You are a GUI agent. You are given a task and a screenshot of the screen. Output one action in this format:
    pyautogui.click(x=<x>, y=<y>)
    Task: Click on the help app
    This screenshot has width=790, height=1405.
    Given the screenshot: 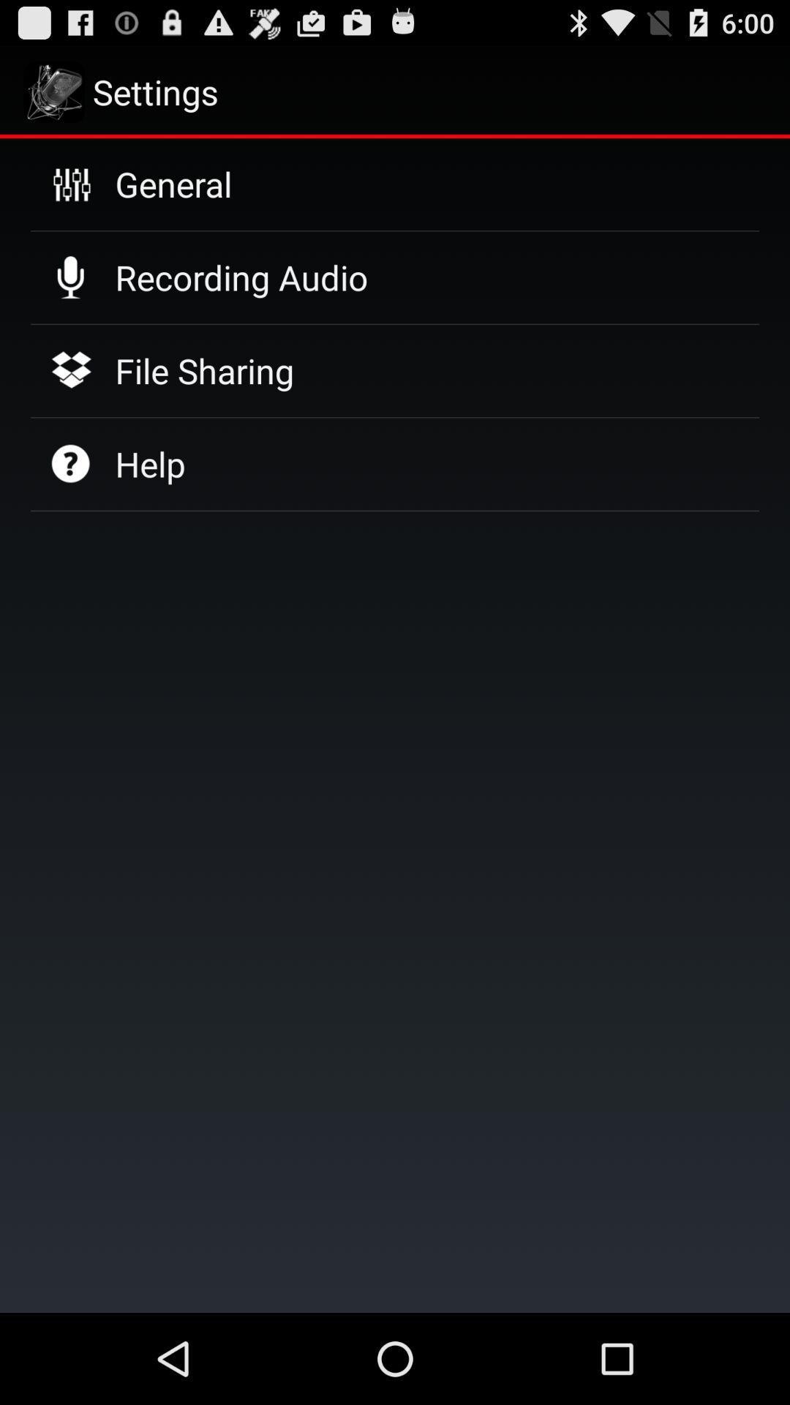 What is the action you would take?
    pyautogui.click(x=150, y=463)
    